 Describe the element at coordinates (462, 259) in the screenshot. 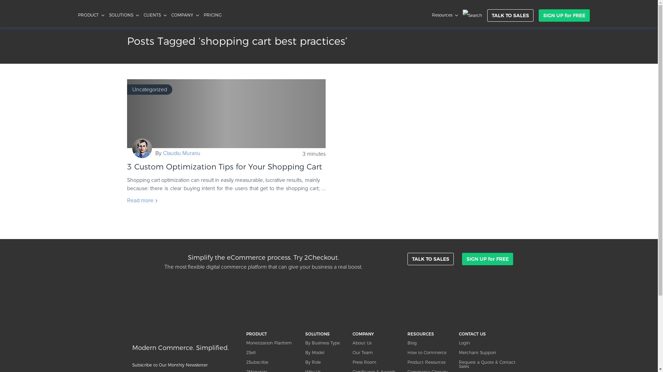

I see `'SIGN UP for FREE'` at that location.